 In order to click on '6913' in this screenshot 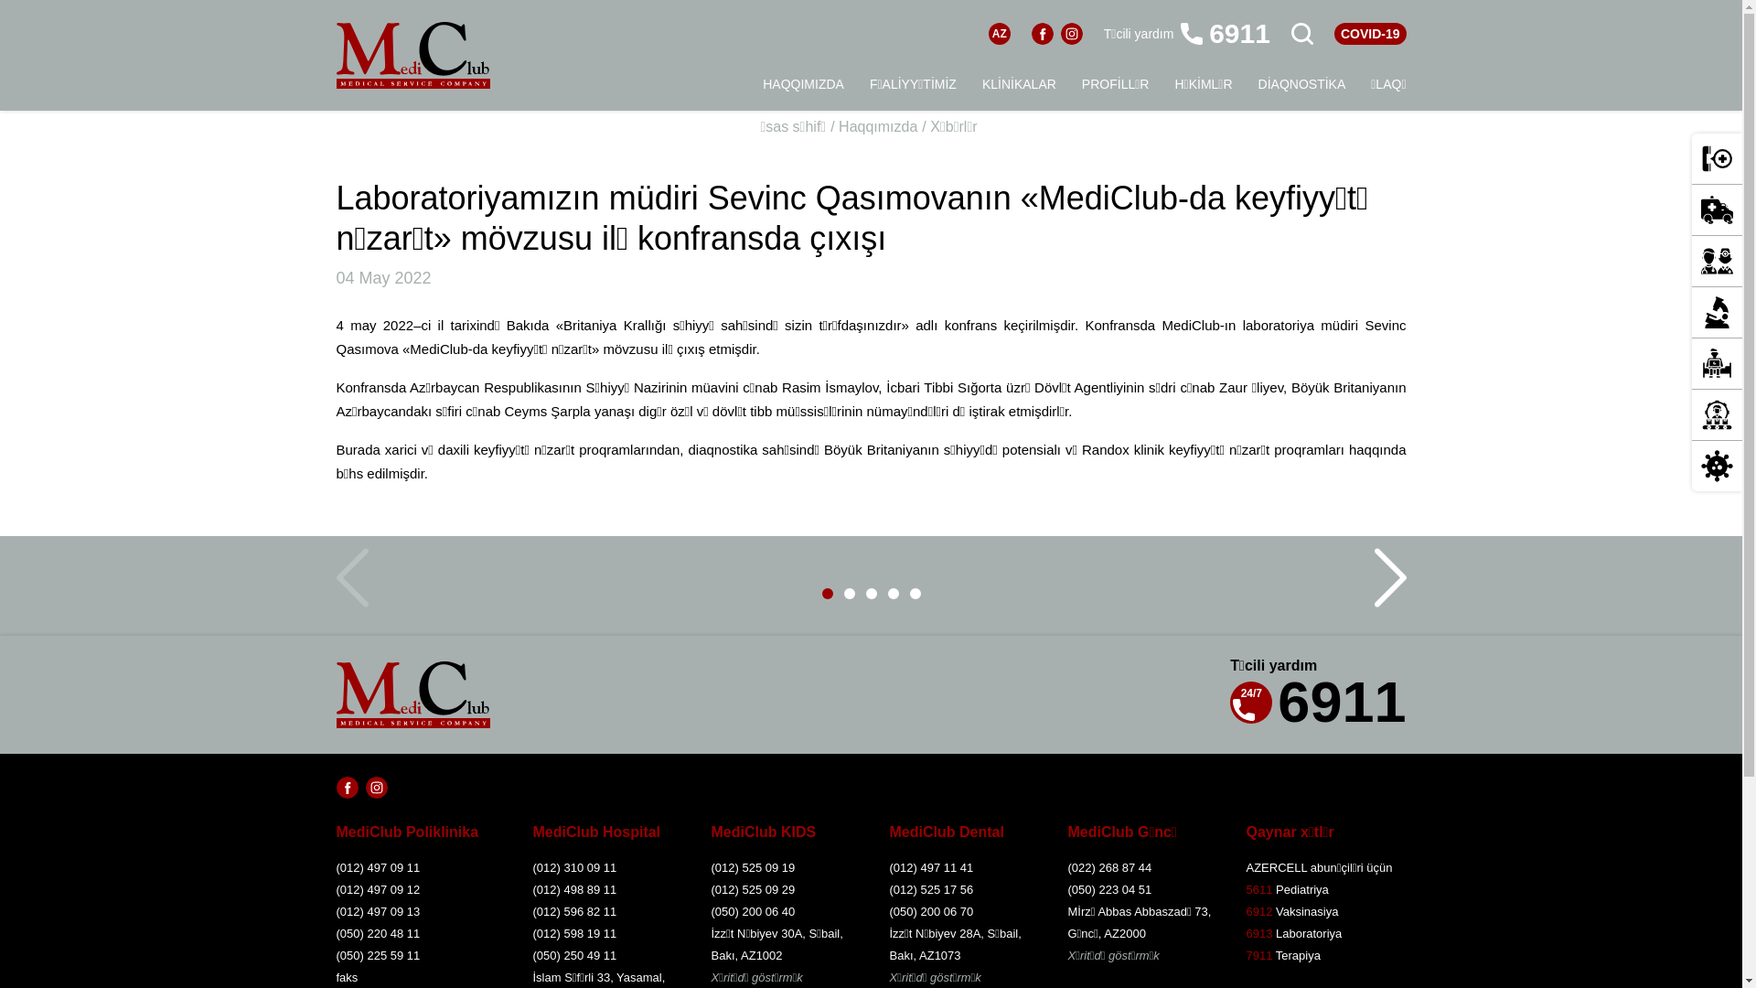, I will do `click(1258, 933)`.